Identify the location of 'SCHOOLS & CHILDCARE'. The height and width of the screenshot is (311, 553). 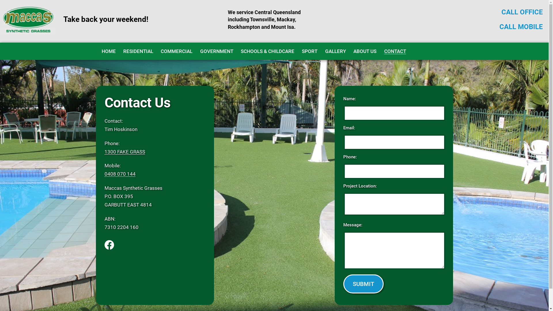
(267, 51).